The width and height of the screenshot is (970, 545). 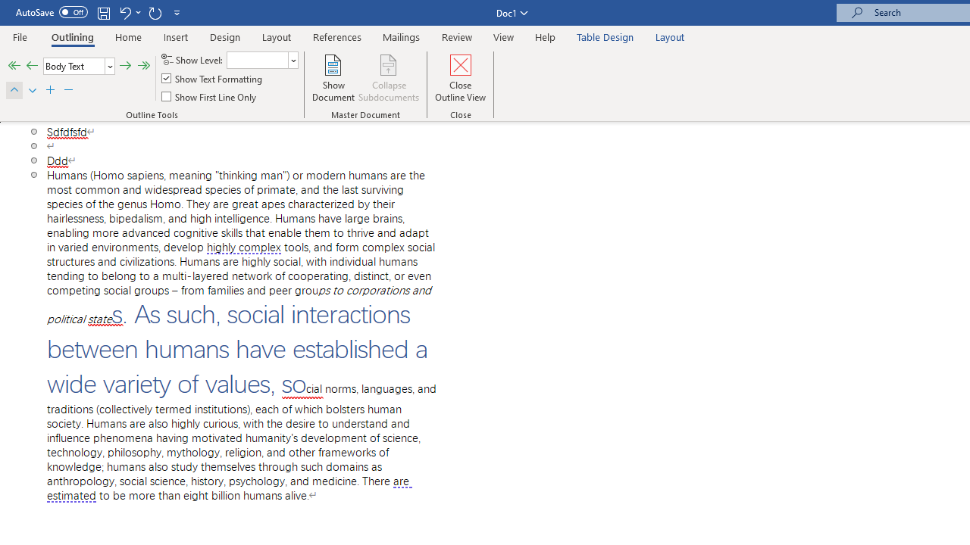 What do you see at coordinates (78, 65) in the screenshot?
I see `'Outline Level'` at bounding box center [78, 65].